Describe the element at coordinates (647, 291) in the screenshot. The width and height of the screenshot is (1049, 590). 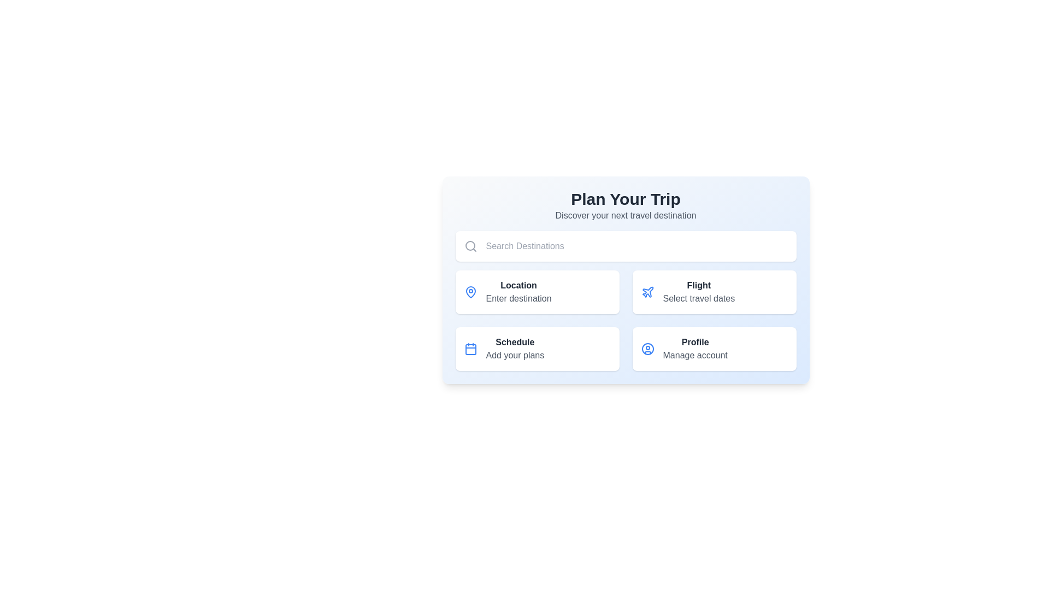
I see `the stylized blue airplane icon located in the right module of the second row, which is associated with flight-related functionalities` at that location.